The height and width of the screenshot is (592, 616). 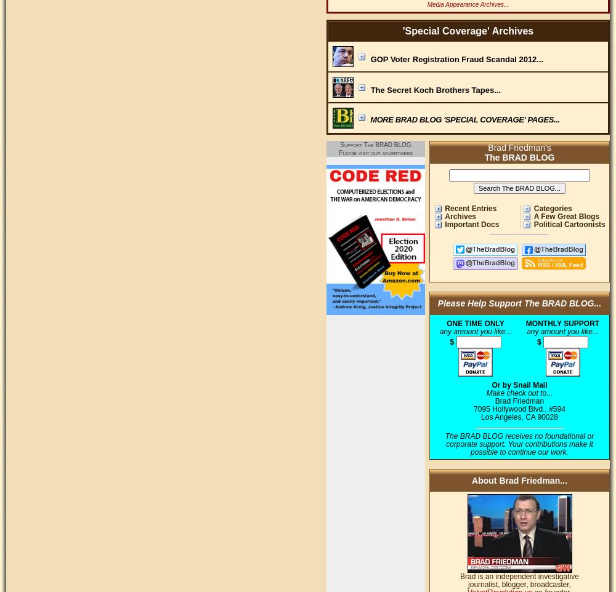 What do you see at coordinates (471, 209) in the screenshot?
I see `'Recent Entries'` at bounding box center [471, 209].